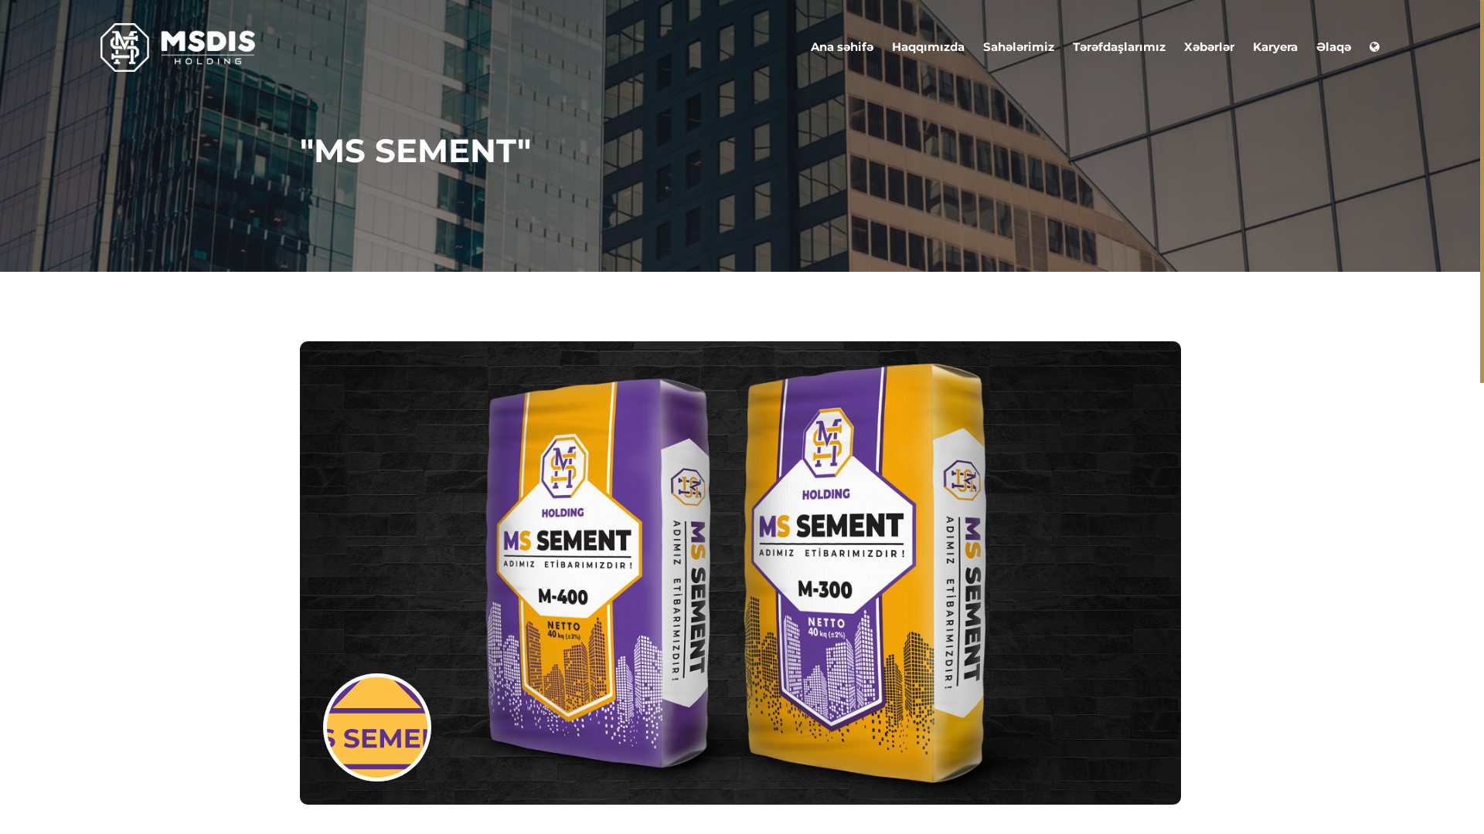 This screenshot has height=834, width=1484. I want to click on 'Karyera', so click(1253, 46).